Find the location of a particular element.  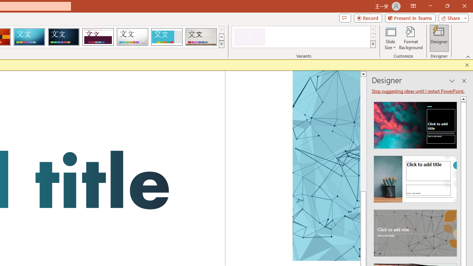

'Format Background' is located at coordinates (411, 38).